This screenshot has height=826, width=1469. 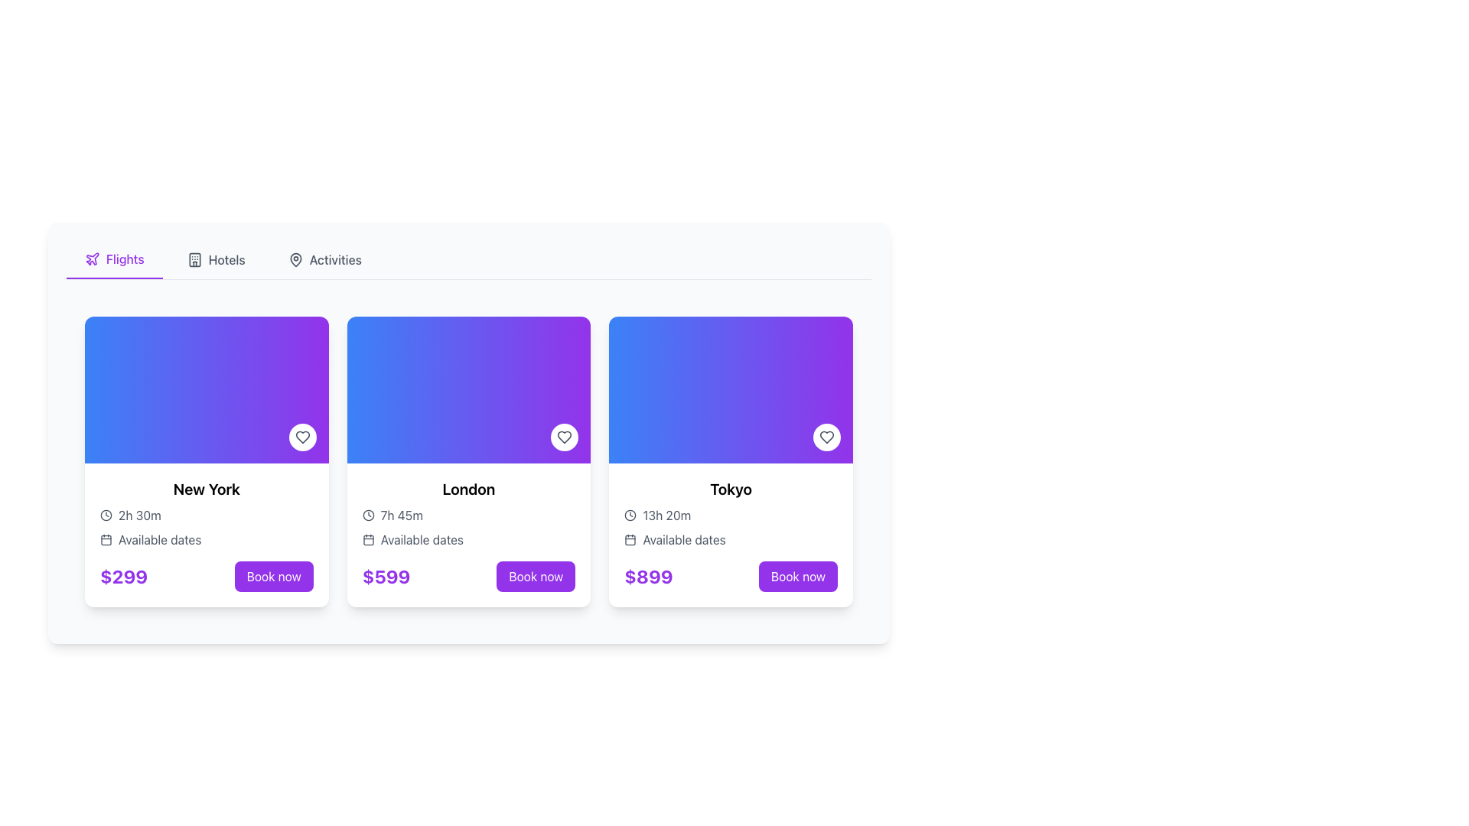 I want to click on the Text label displaying '13h 20m' that indicates duration information, located below the title 'Tokyo' and above 'Available dates', adjacent to a clock icon, so click(x=666, y=515).